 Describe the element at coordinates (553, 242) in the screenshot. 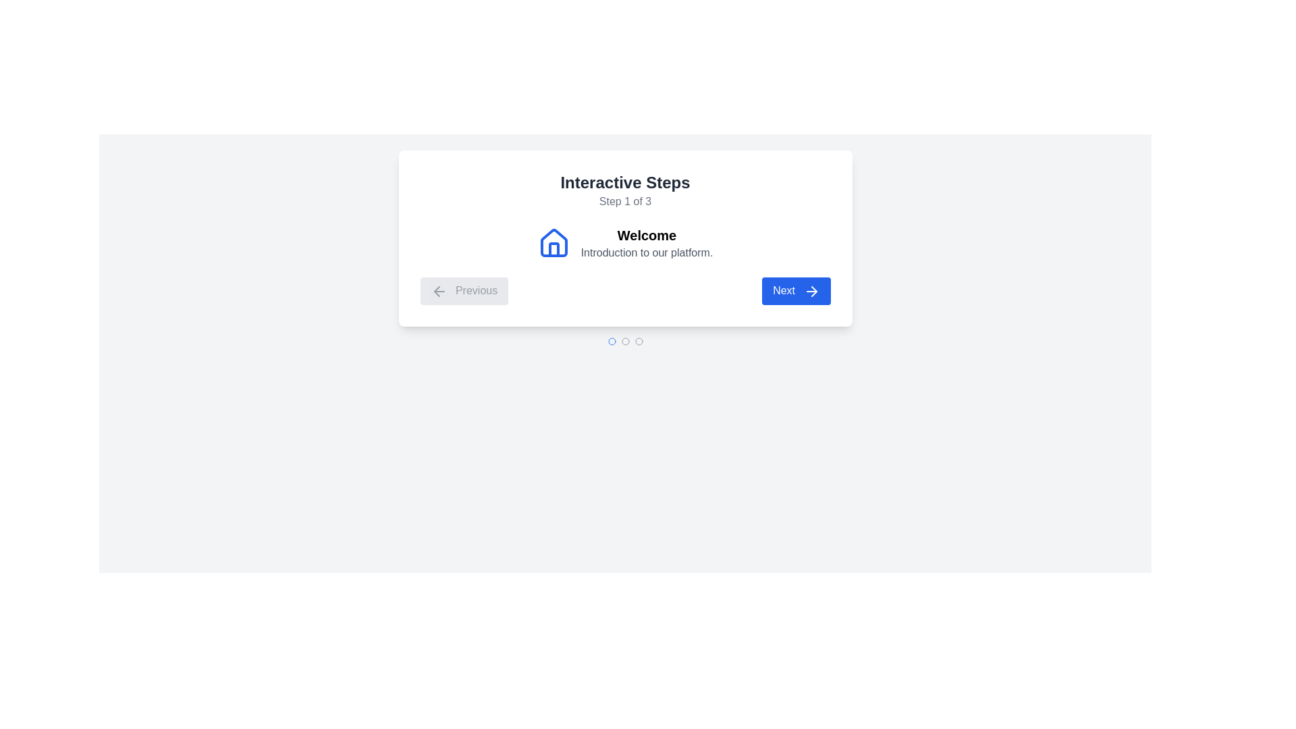

I see `the decorative 'Welcome' icon located at the center of the card interface, positioned directly above the text labeled 'Welcome'` at that location.